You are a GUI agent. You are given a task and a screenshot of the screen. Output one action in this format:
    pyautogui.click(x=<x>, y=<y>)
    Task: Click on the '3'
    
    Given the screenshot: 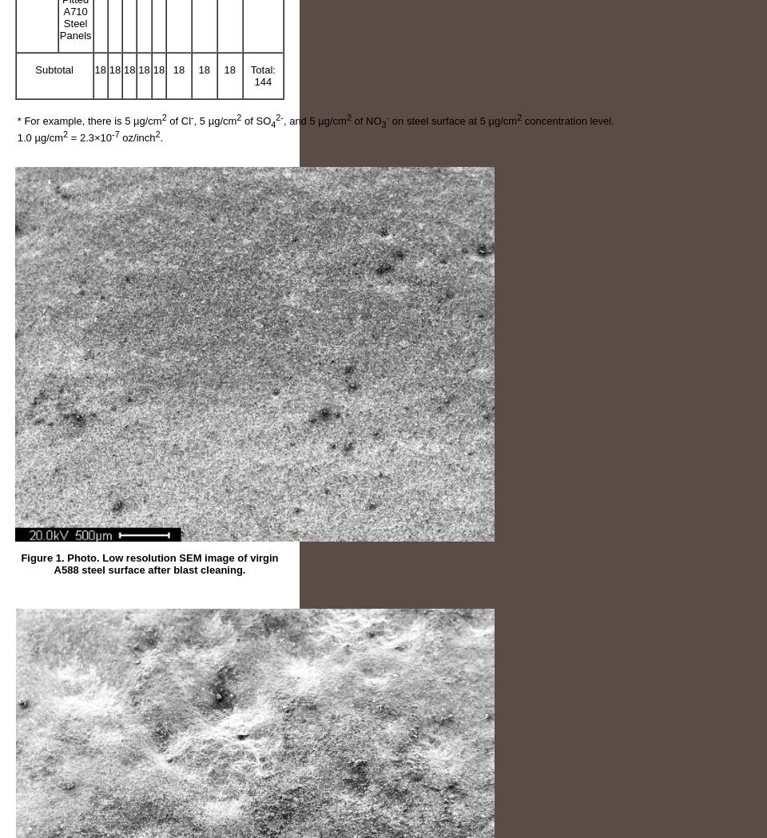 What is the action you would take?
    pyautogui.click(x=383, y=124)
    